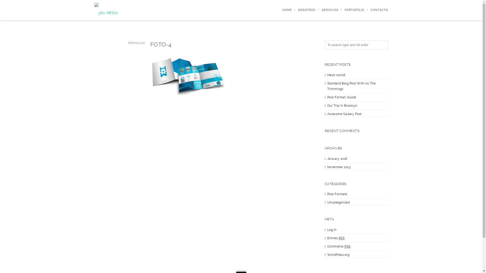  What do you see at coordinates (356, 44) in the screenshot?
I see `'Search for:'` at bounding box center [356, 44].